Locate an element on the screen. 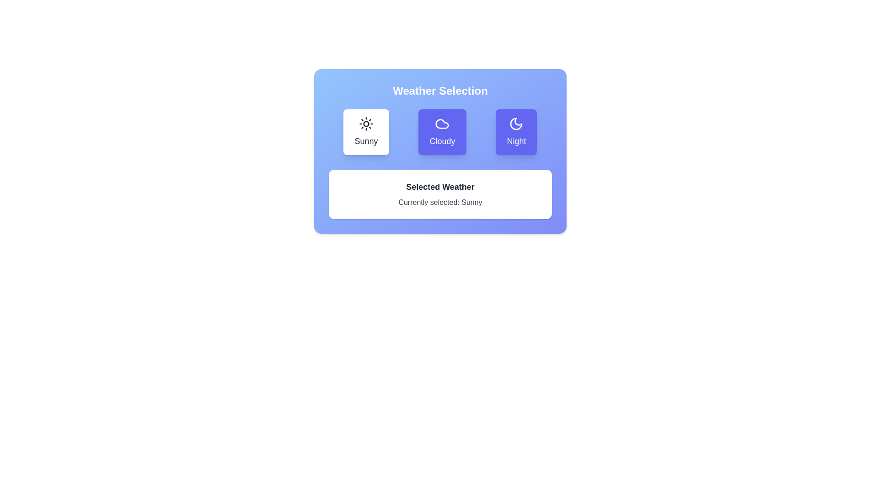  the text label element displaying 'Cloudy' in white color on a purple background, which is part of a clickable box for weather conditions is located at coordinates (442, 141).